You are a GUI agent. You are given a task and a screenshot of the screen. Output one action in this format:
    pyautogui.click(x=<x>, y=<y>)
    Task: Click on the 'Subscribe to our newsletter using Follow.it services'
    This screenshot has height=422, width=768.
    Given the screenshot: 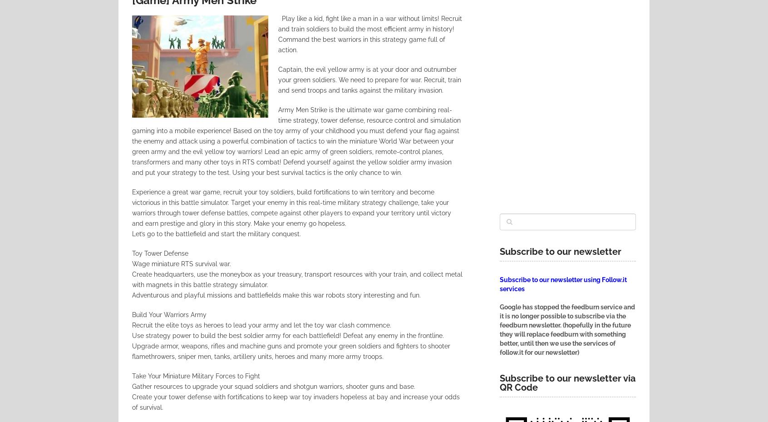 What is the action you would take?
    pyautogui.click(x=563, y=283)
    